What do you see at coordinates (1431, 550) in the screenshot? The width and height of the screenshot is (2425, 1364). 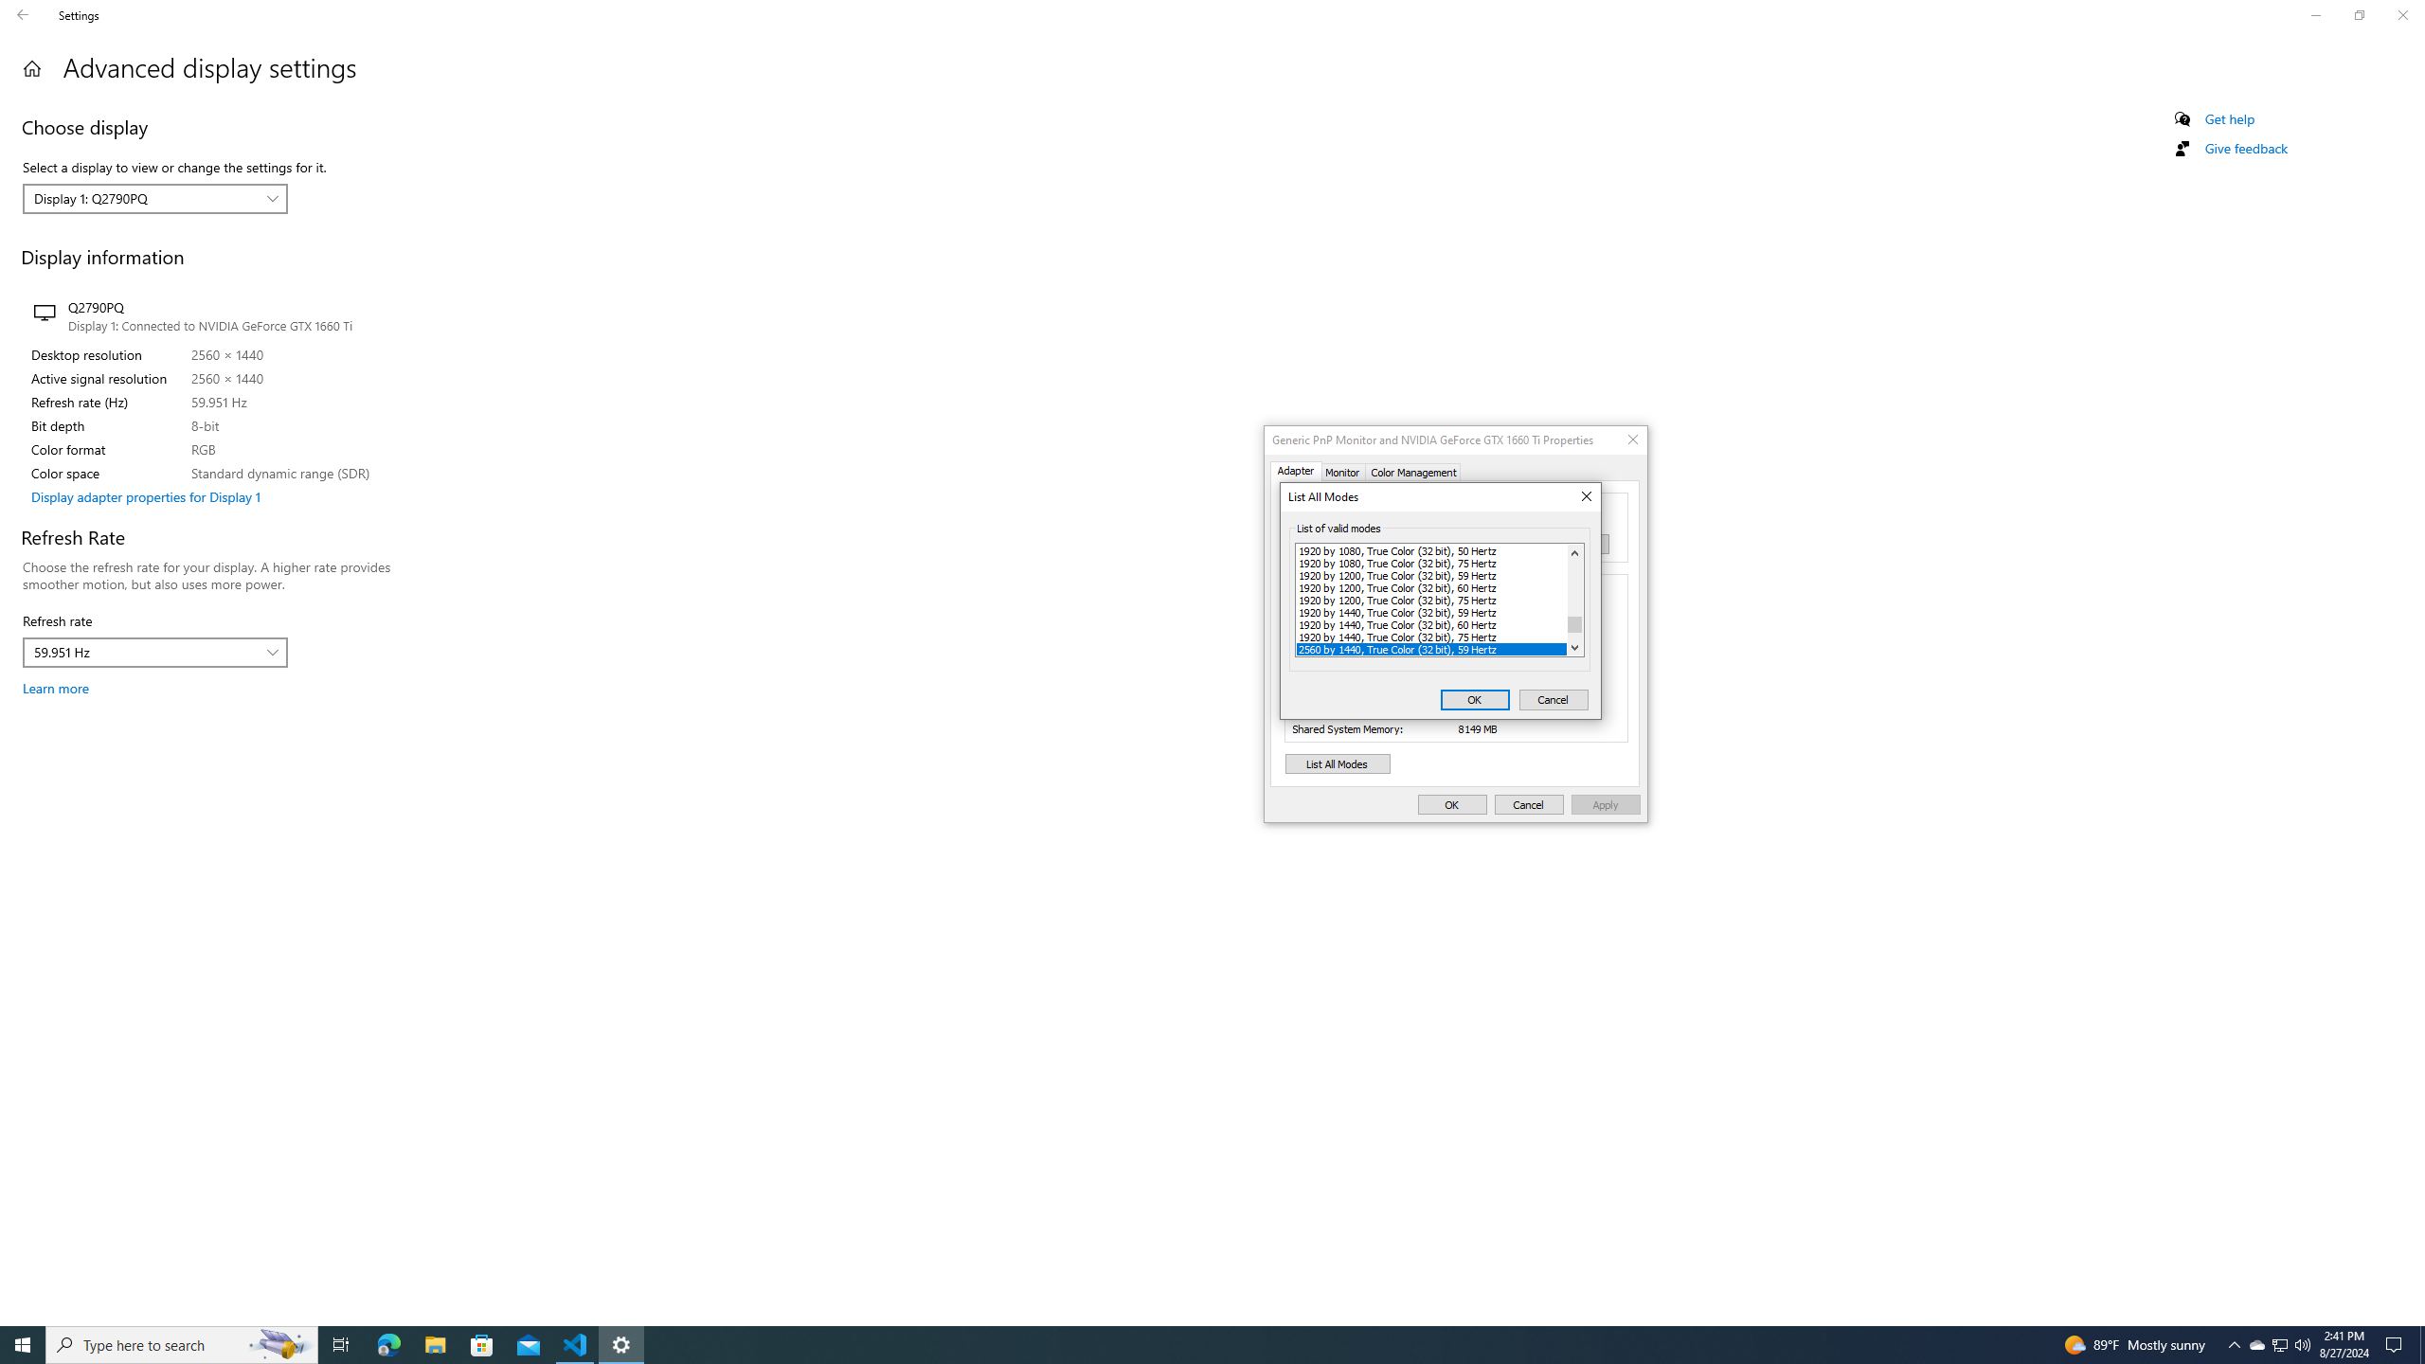 I see `'1920 by 1080, True Color (32 bit), 50 Hertz'` at bounding box center [1431, 550].